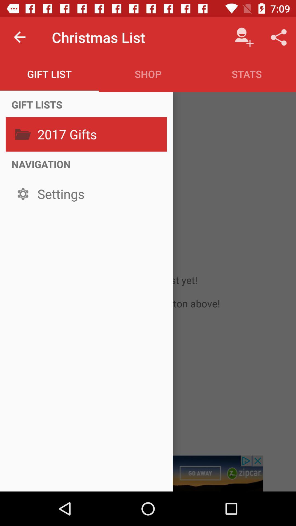 The image size is (296, 526). I want to click on the icon below the navigation, so click(101, 194).